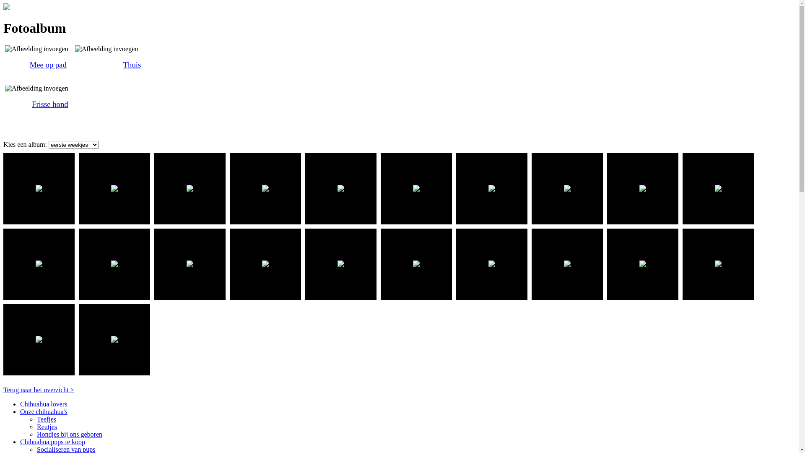 The height and width of the screenshot is (453, 805). I want to click on 'Hondjes bij ons geboren', so click(70, 434).